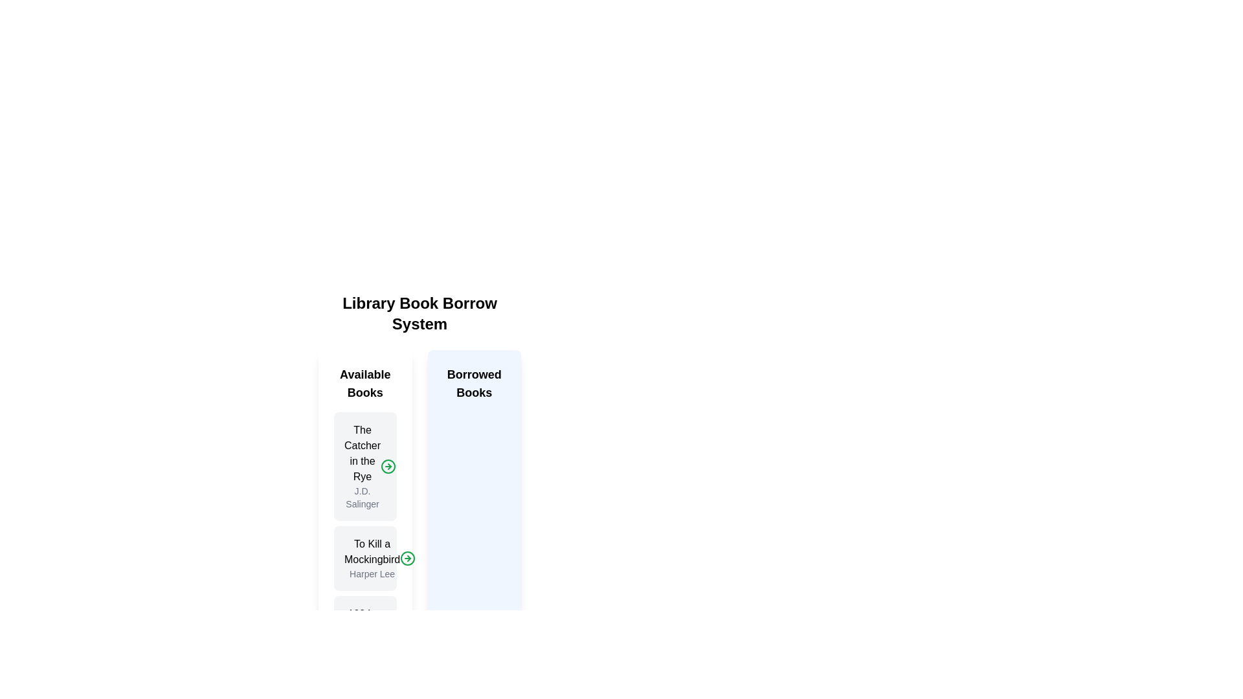 This screenshot has width=1243, height=699. What do you see at coordinates (372, 551) in the screenshot?
I see `the title text of the book, which is located above the subtitle 'Harper Lee' within the card structure in the 'Available Books' column, as the second item in the list` at bounding box center [372, 551].